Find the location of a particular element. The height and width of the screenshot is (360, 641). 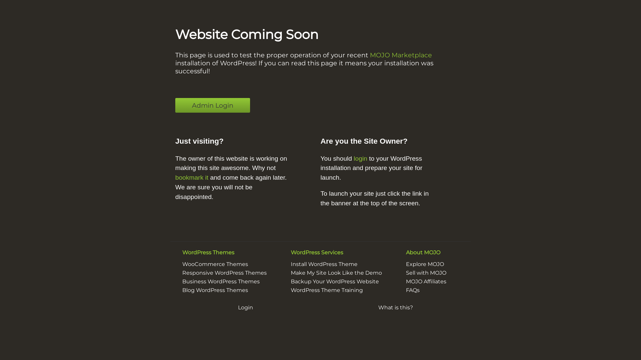

'WooCommerce Themes' is located at coordinates (215, 264).